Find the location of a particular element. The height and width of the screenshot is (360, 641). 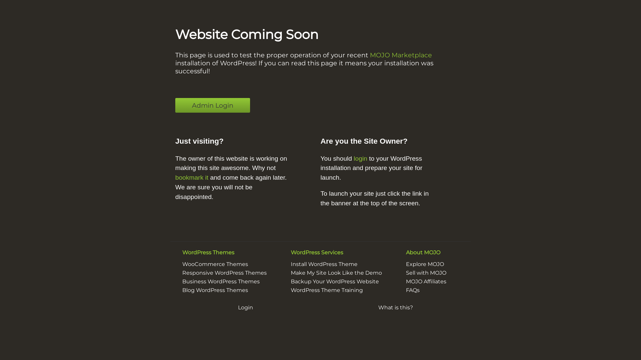

'WooCommerce Themes' is located at coordinates (215, 264).